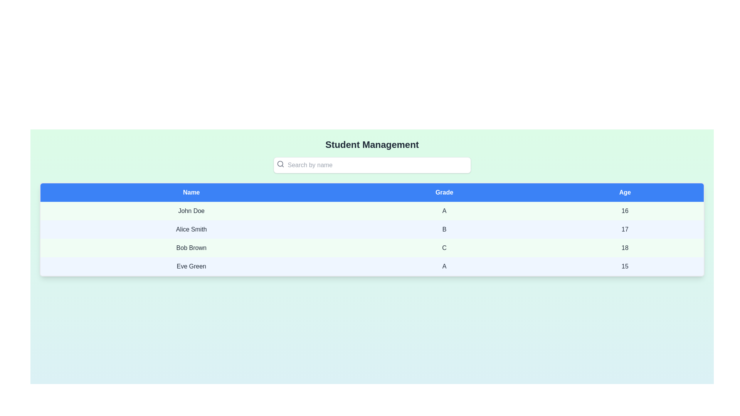  What do you see at coordinates (444, 229) in the screenshot?
I see `the Text Label displaying the grade assigned to the student named Alice Smith, located in the second row and second column of the table under the 'Grade' header` at bounding box center [444, 229].